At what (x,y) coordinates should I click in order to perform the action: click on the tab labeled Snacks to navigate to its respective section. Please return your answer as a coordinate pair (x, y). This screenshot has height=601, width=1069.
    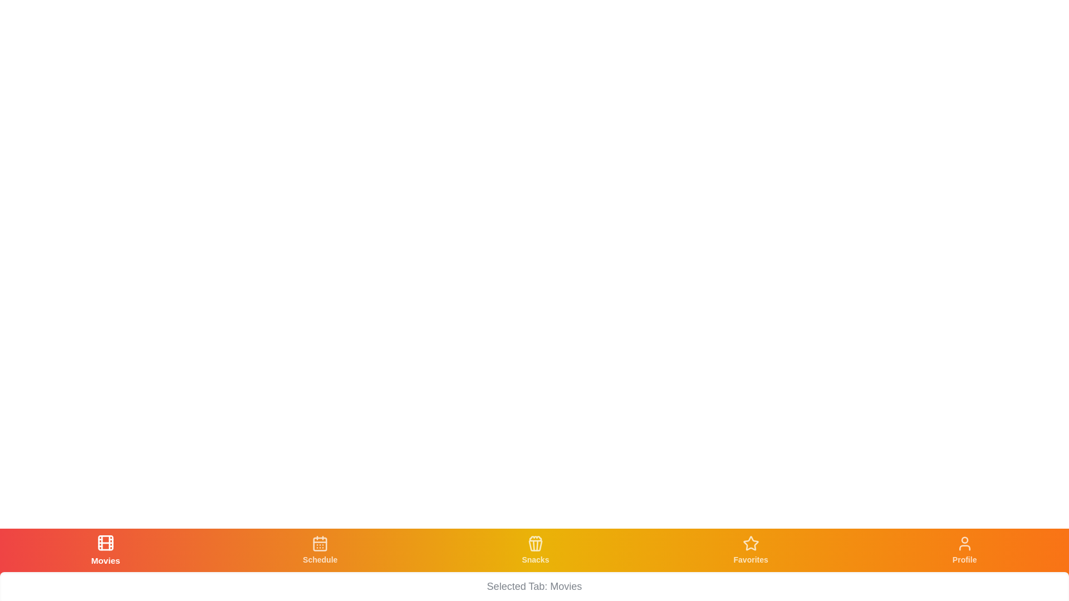
    Looking at the image, I should click on (534, 549).